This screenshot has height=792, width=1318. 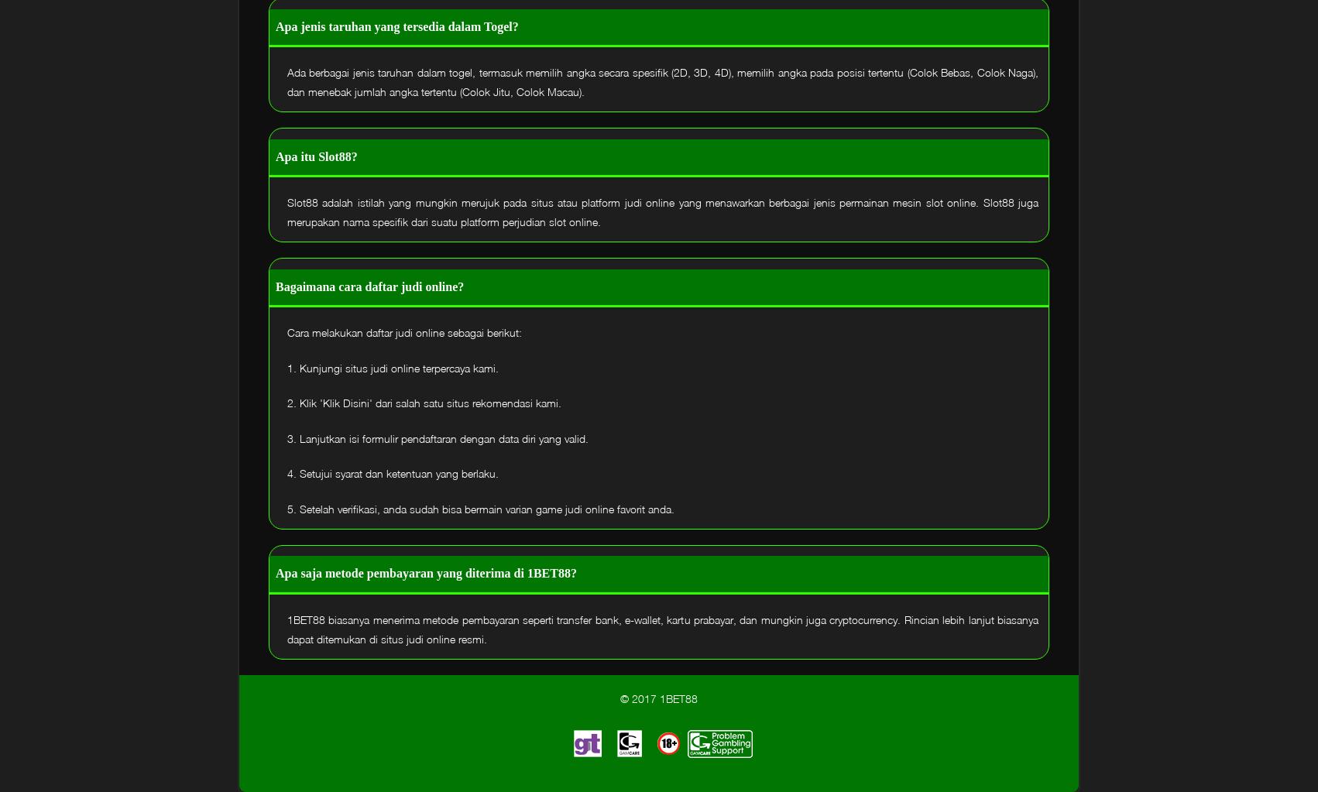 I want to click on '5. Setelah verifikasi, anda sudah bisa bermain varian game judi online favorit anda.', so click(x=287, y=508).